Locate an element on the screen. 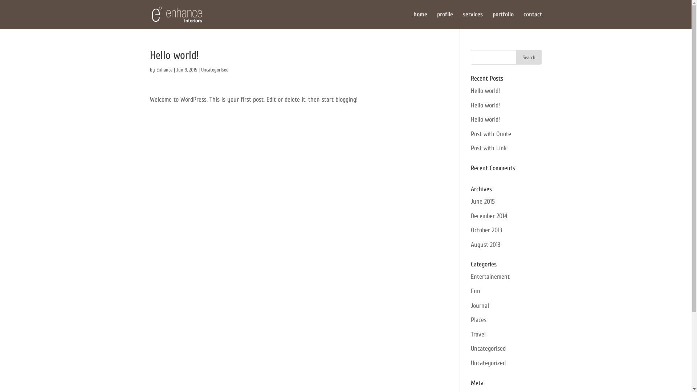 The height and width of the screenshot is (392, 697). 'services' is located at coordinates (472, 20).